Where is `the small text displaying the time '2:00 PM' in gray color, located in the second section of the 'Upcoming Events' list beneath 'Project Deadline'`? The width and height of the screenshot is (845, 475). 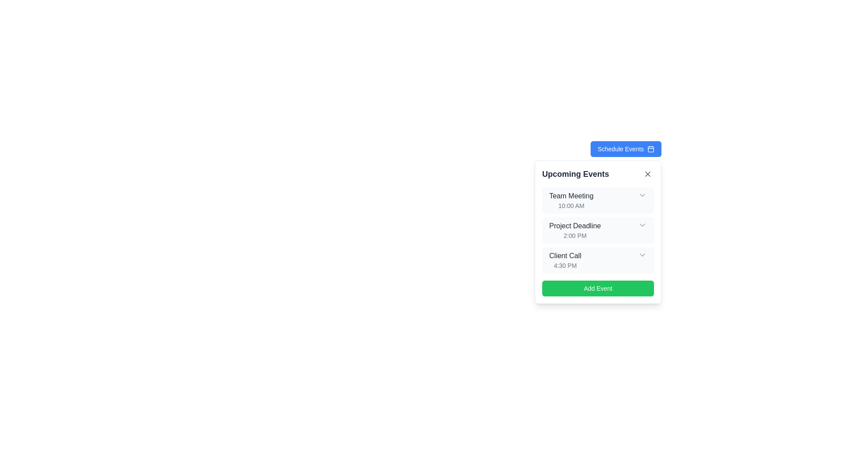 the small text displaying the time '2:00 PM' in gray color, located in the second section of the 'Upcoming Events' list beneath 'Project Deadline' is located at coordinates (575, 235).